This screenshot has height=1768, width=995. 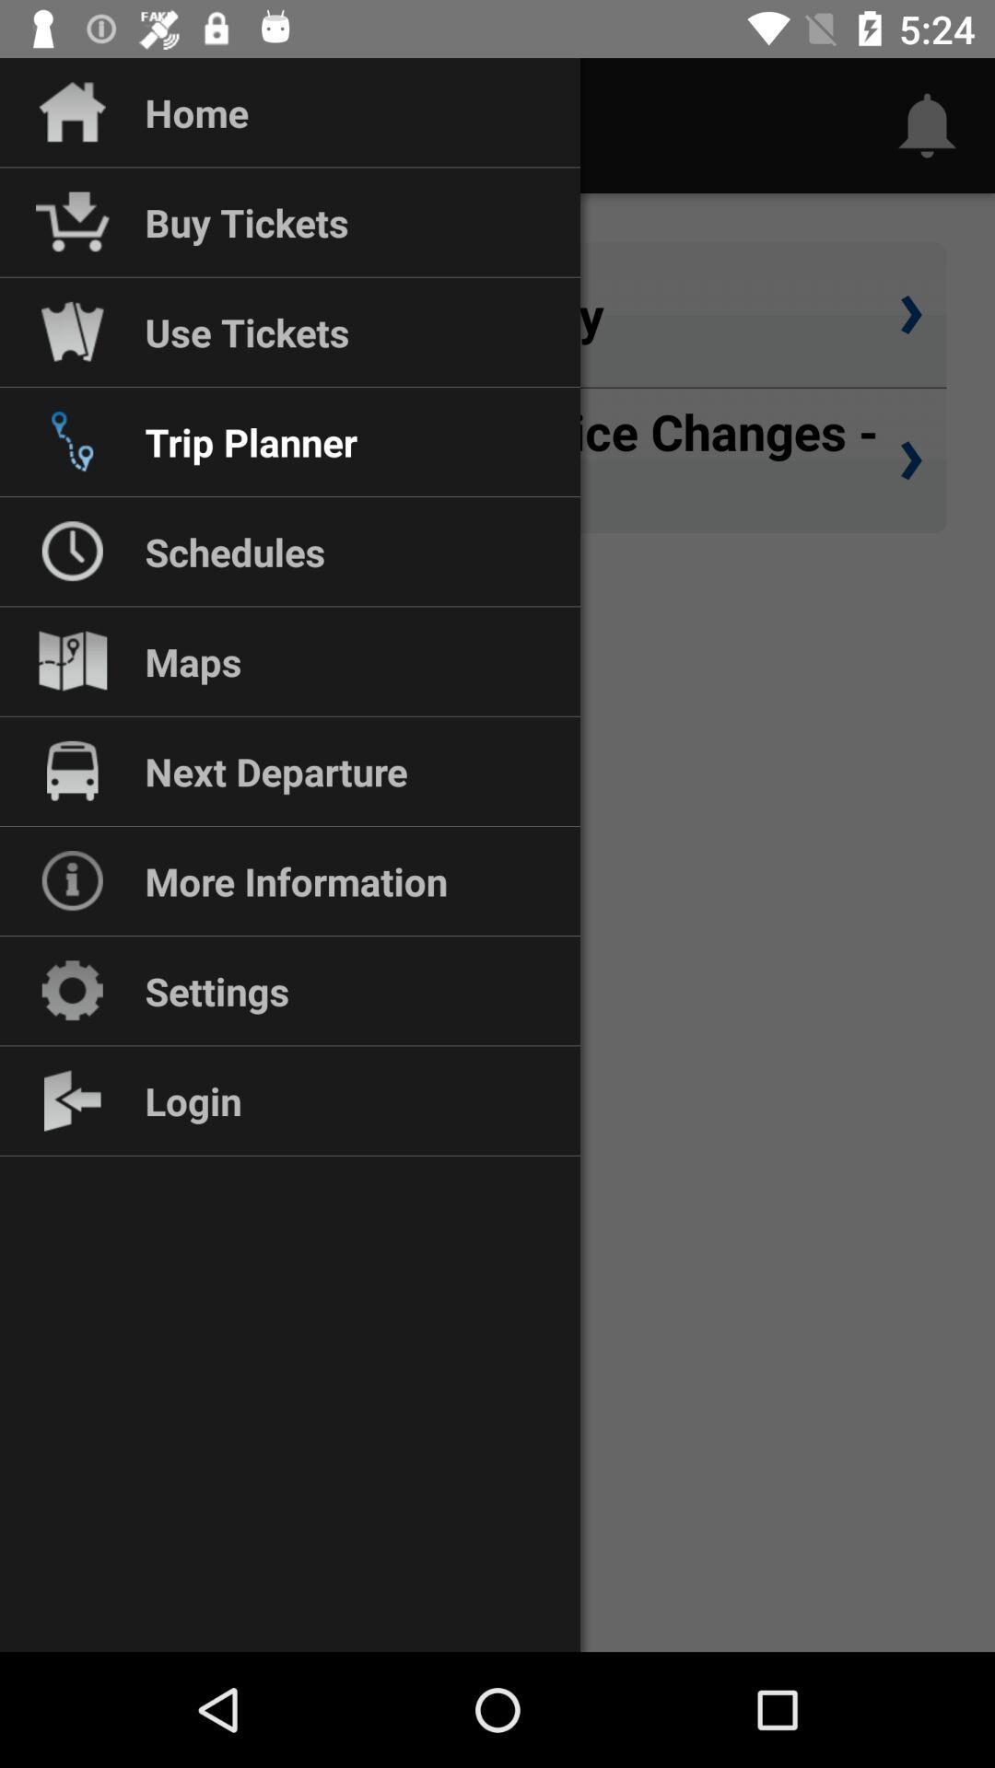 What do you see at coordinates (927, 125) in the screenshot?
I see `the notifications icon` at bounding box center [927, 125].